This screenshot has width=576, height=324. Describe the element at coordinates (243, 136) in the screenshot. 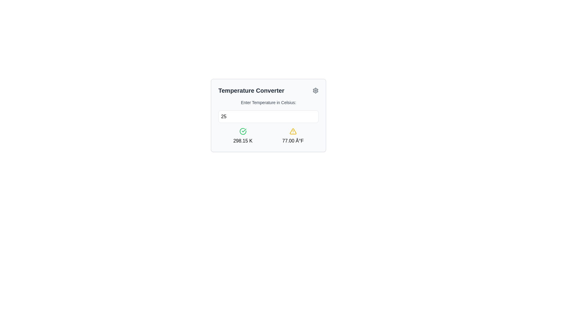

I see `the informational label displaying the temperature value in Kelvin, which is located in the left column of a two-column layout and is identified by the decorative checkmark icon above it` at that location.